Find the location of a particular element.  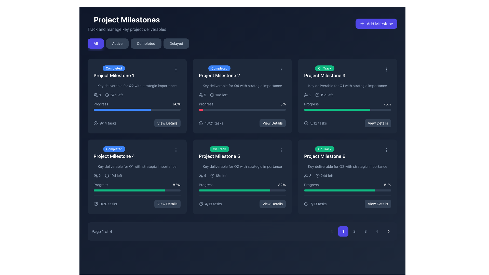

the Status badge indicating 'On Track' for the project milestone located in the 'Project Milestone 5' block, which is positioned directly above the title is located at coordinates (219, 149).